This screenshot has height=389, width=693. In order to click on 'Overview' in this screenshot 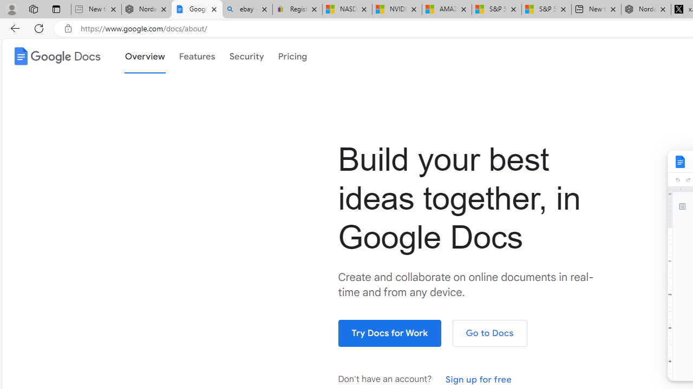, I will do `click(144, 55)`.